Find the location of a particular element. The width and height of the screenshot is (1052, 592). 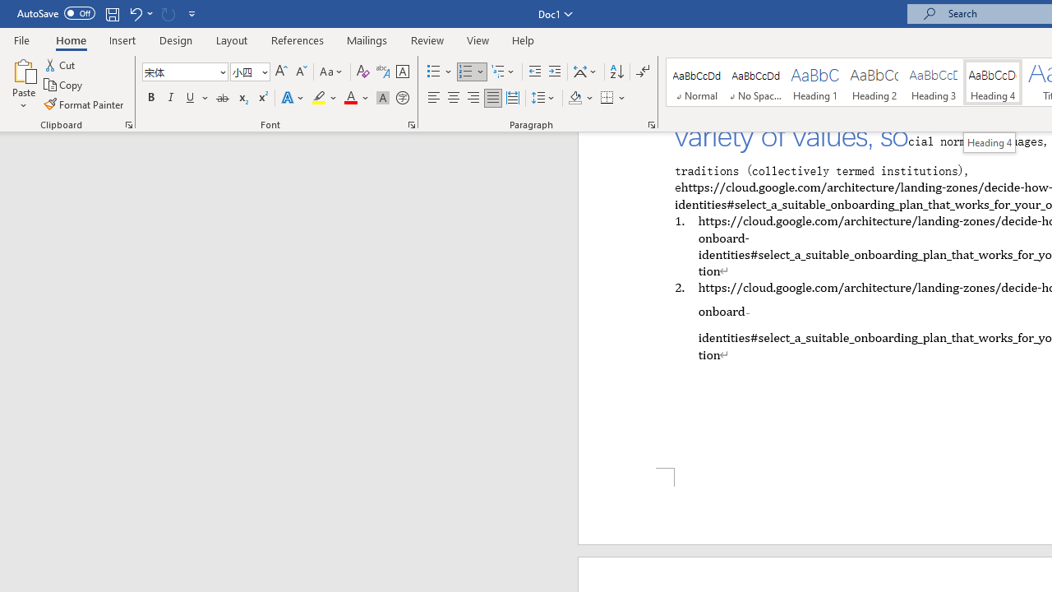

'Font Color Automatic' is located at coordinates (349, 98).